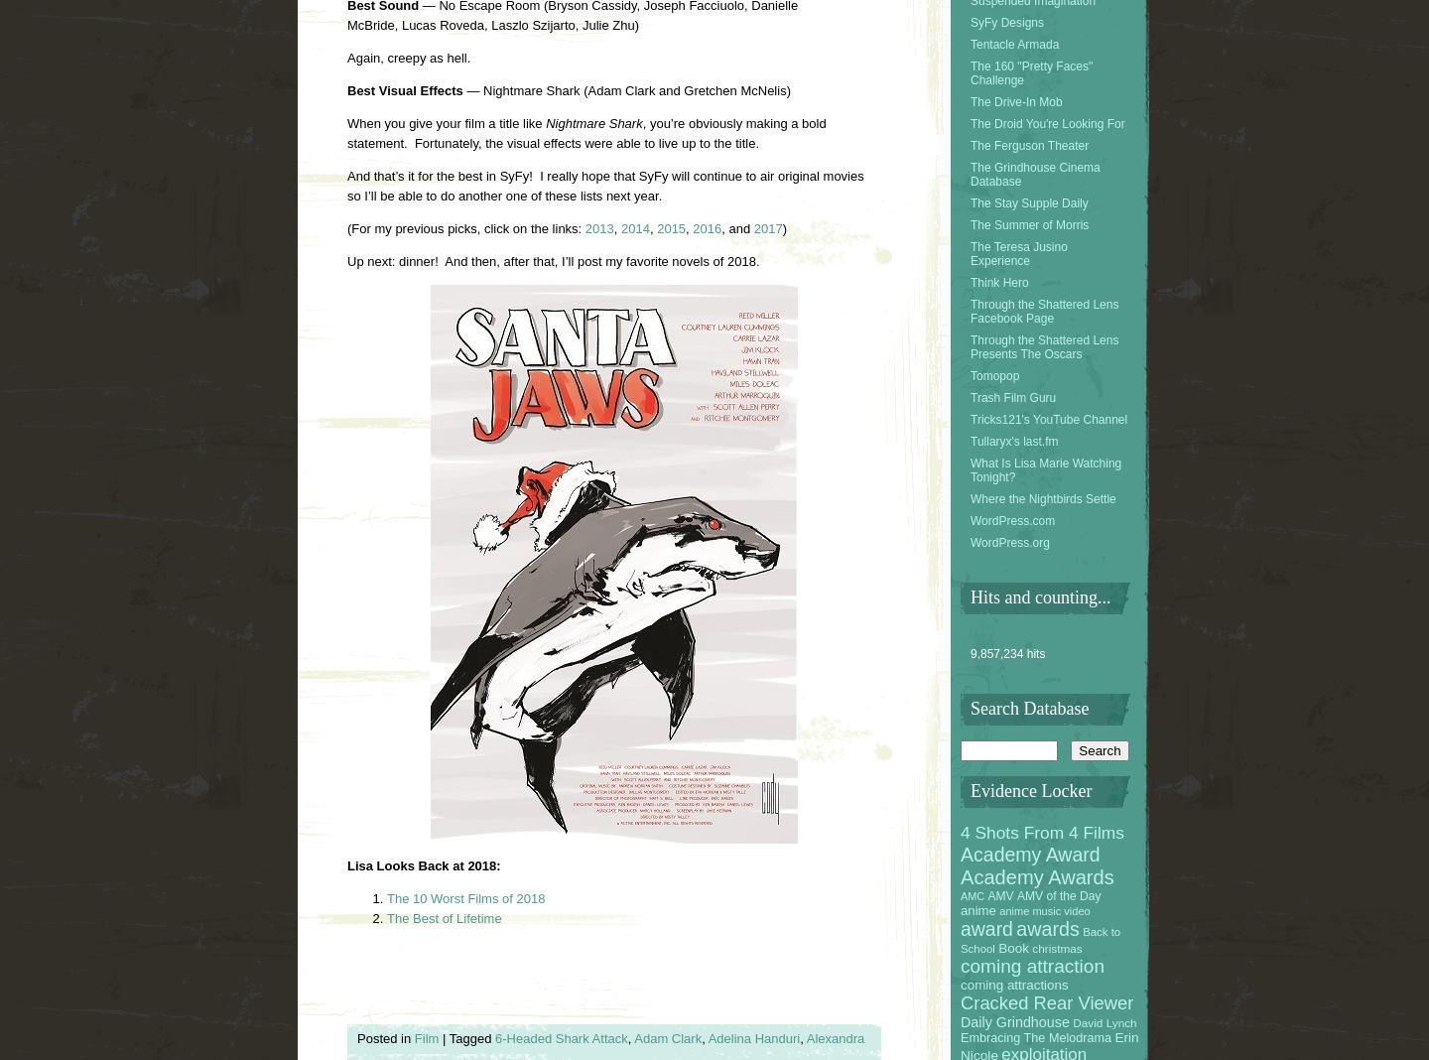 The height and width of the screenshot is (1060, 1429). Describe the element at coordinates (970, 708) in the screenshot. I see `'Search Database'` at that location.